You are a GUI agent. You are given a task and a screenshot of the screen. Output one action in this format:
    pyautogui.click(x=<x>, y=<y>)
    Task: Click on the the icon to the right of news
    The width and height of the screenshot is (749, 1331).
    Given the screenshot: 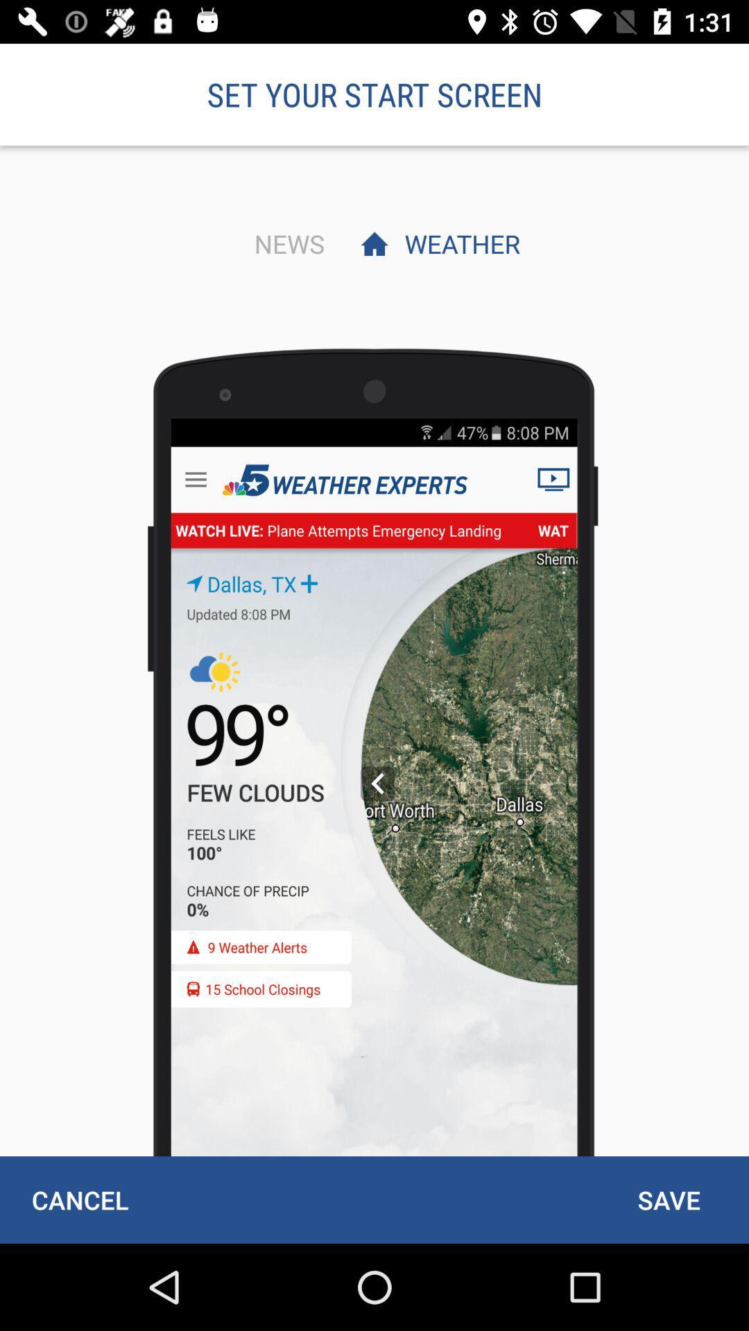 What is the action you would take?
    pyautogui.click(x=458, y=243)
    